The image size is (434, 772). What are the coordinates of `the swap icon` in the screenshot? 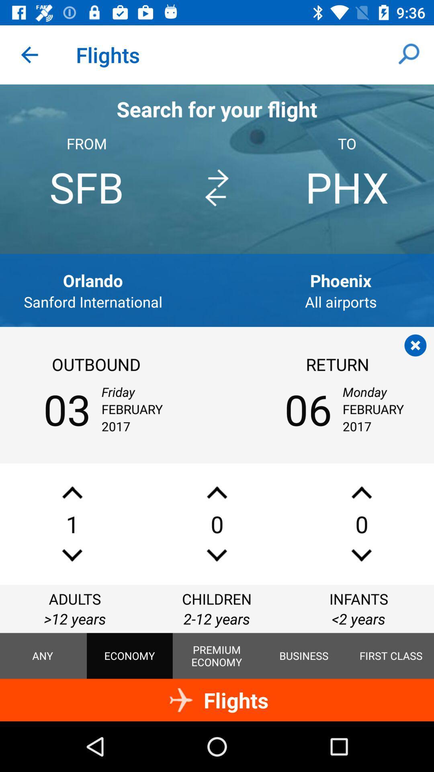 It's located at (216, 187).